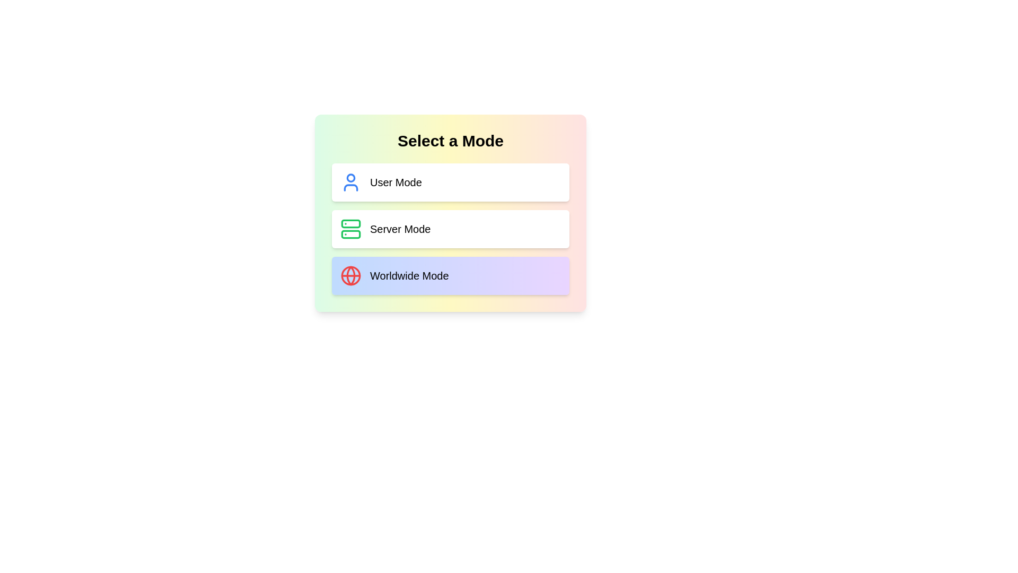 The height and width of the screenshot is (573, 1018). What do you see at coordinates (400, 229) in the screenshot?
I see `text label 'Server Mode' which is styled in medium font size and weight, positioned next to a server icon within a selection panel` at bounding box center [400, 229].